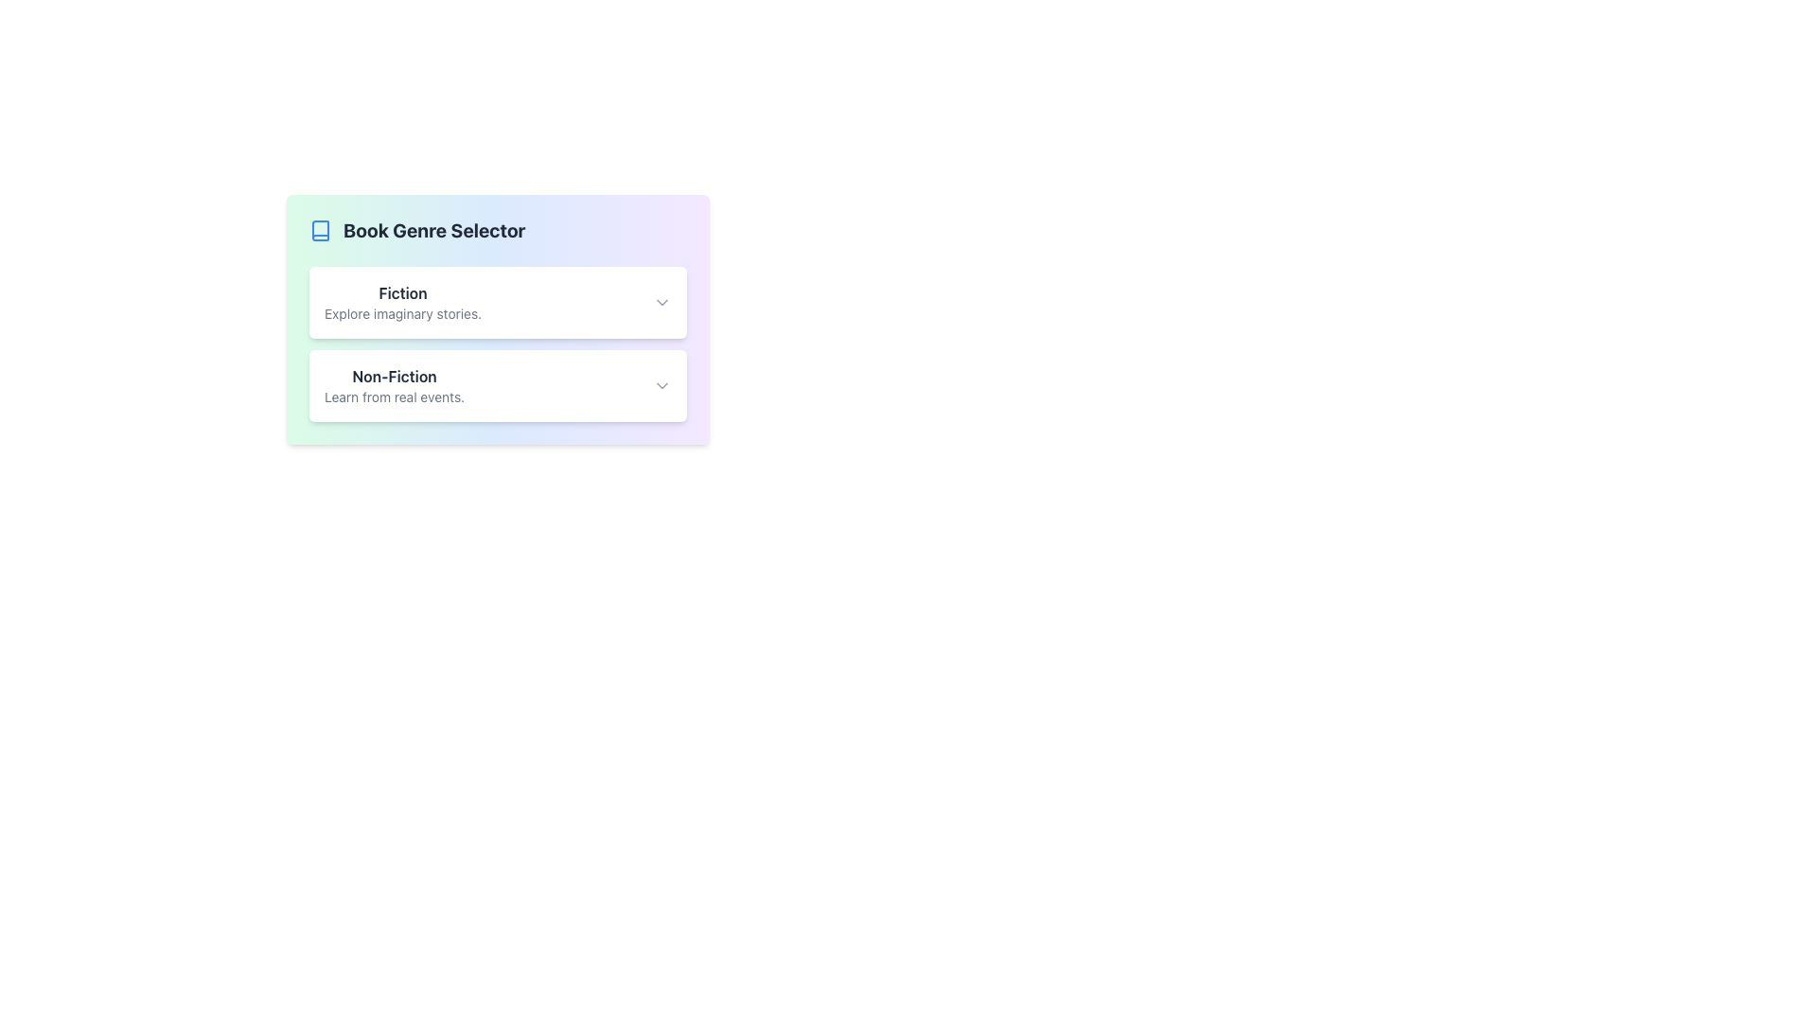 Image resolution: width=1817 pixels, height=1022 pixels. I want to click on the 'Fiction' category title text label in the Book Genre Selector interface, which is positioned at the top section and identifies the Fiction genre, so click(402, 292).